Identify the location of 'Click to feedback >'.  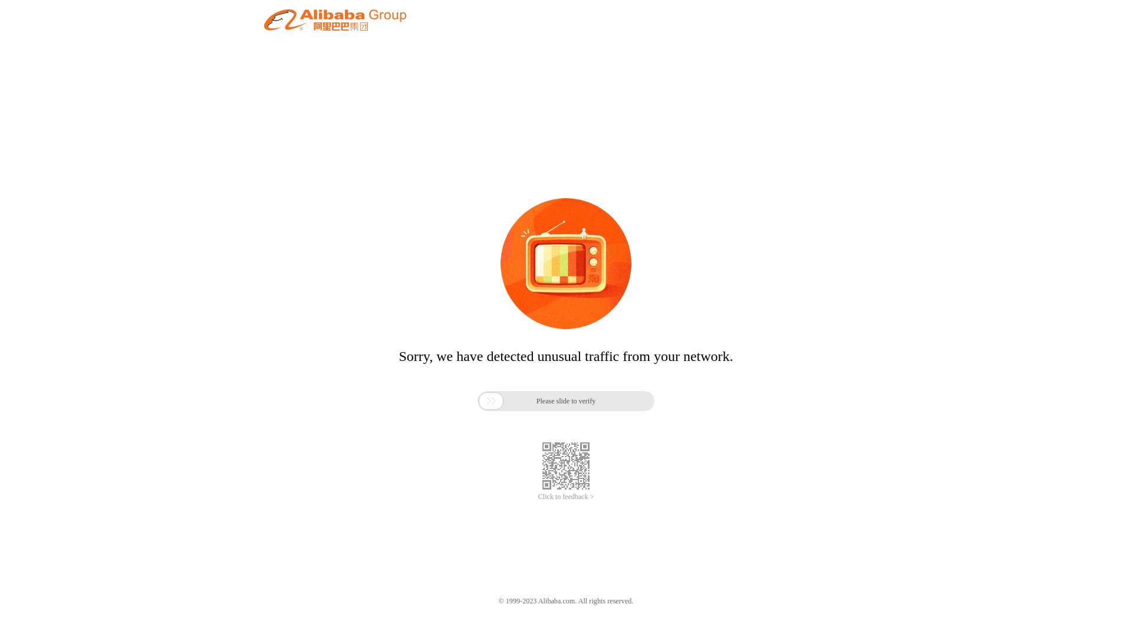
(566, 497).